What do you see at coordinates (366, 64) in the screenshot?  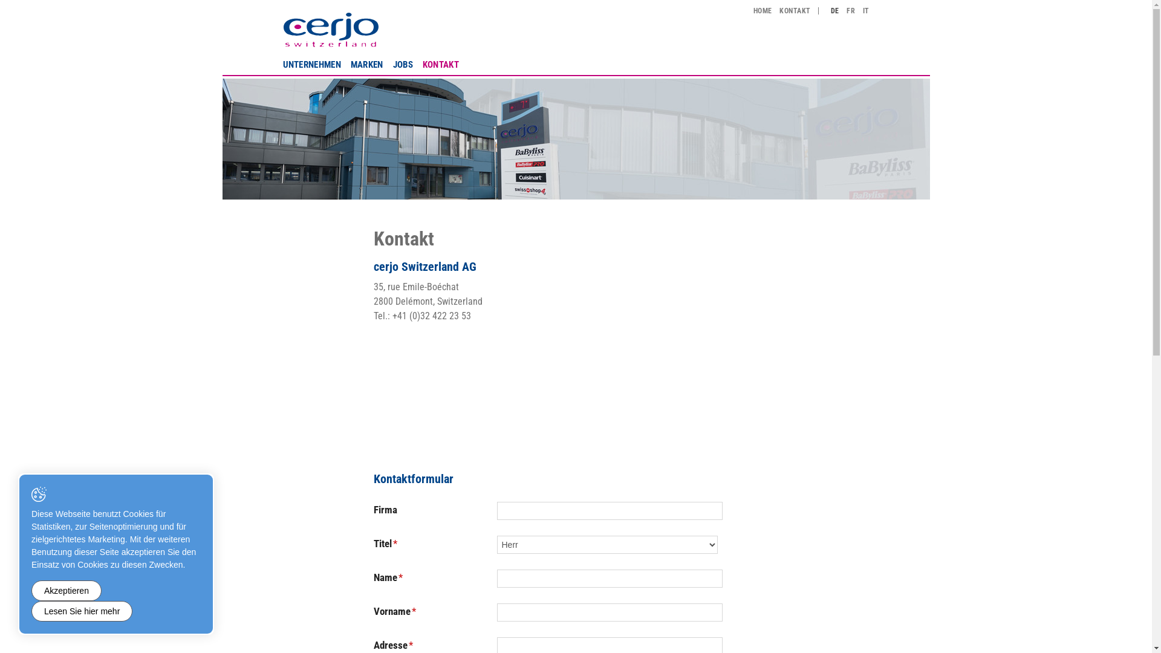 I see `'MARKEN'` at bounding box center [366, 64].